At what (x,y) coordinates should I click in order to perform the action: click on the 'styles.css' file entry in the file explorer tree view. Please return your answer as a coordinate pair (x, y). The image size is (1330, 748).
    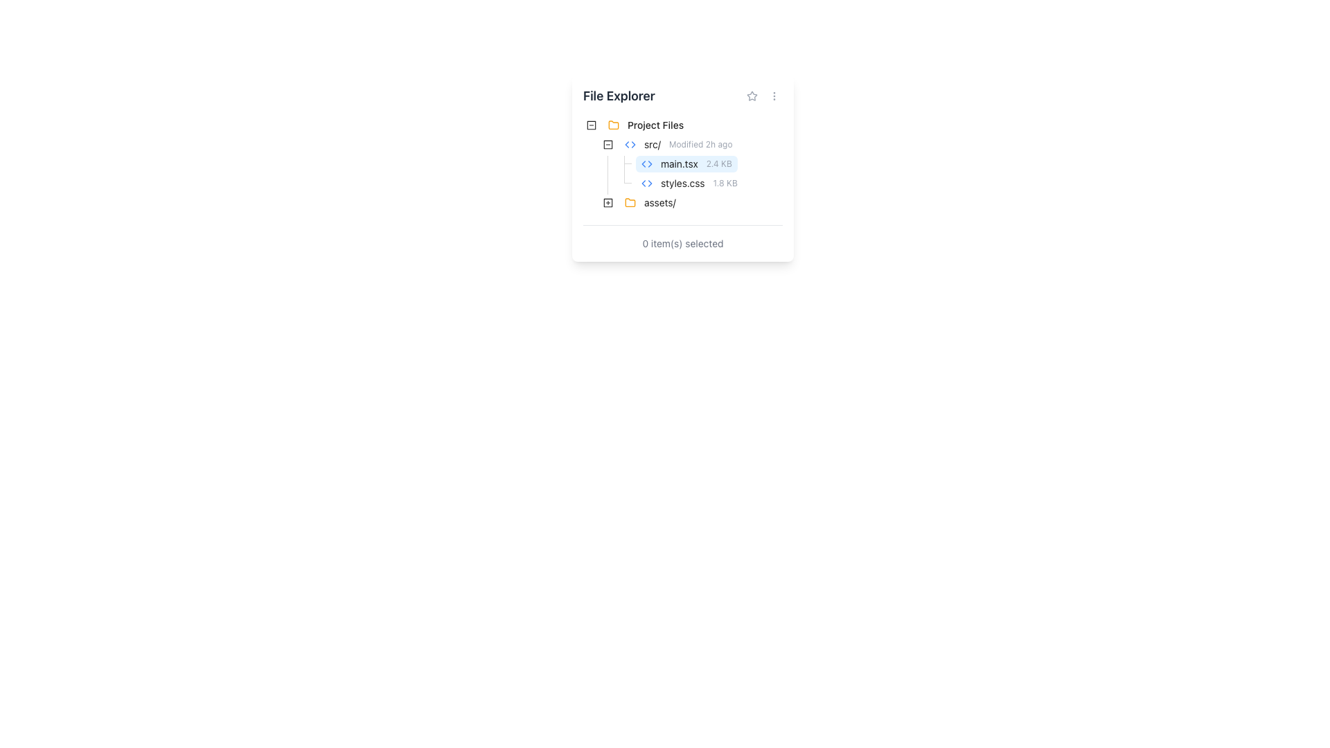
    Looking at the image, I should click on (662, 183).